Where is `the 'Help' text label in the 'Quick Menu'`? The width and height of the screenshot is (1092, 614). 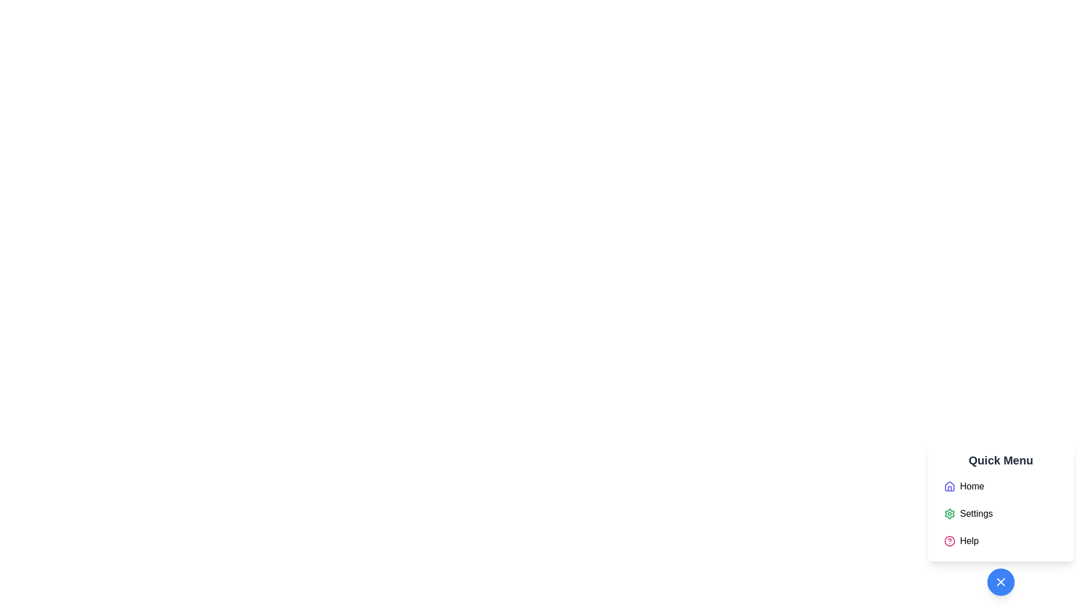
the 'Help' text label in the 'Quick Menu' is located at coordinates (969, 541).